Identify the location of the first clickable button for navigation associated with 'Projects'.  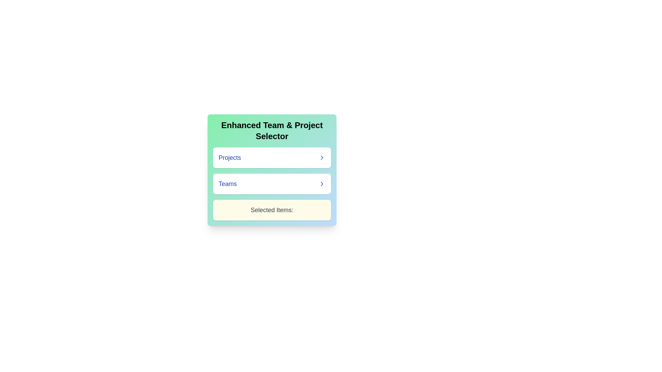
(271, 158).